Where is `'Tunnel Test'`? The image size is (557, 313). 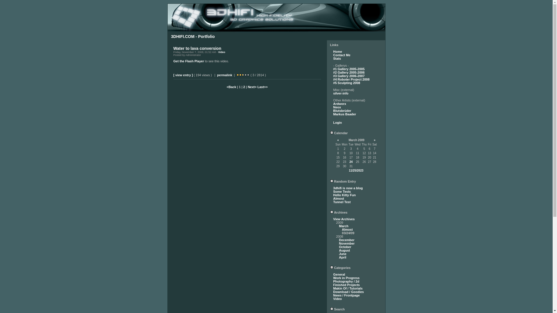
'Tunnel Test' is located at coordinates (342, 202).